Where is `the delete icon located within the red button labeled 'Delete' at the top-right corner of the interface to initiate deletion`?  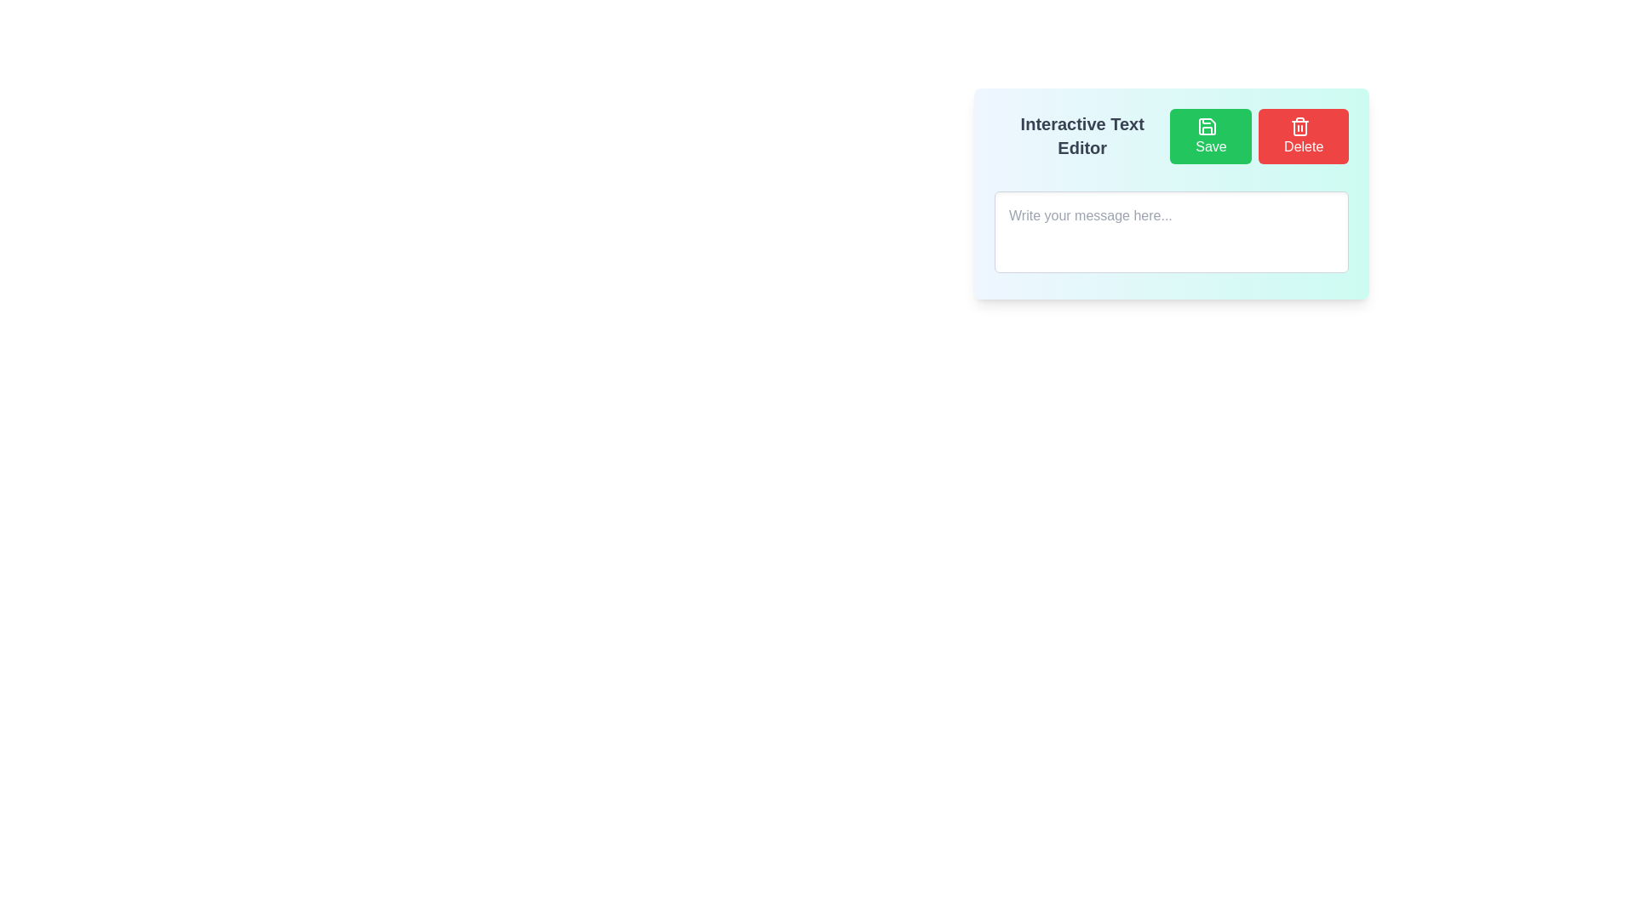
the delete icon located within the red button labeled 'Delete' at the top-right corner of the interface to initiate deletion is located at coordinates (1299, 125).